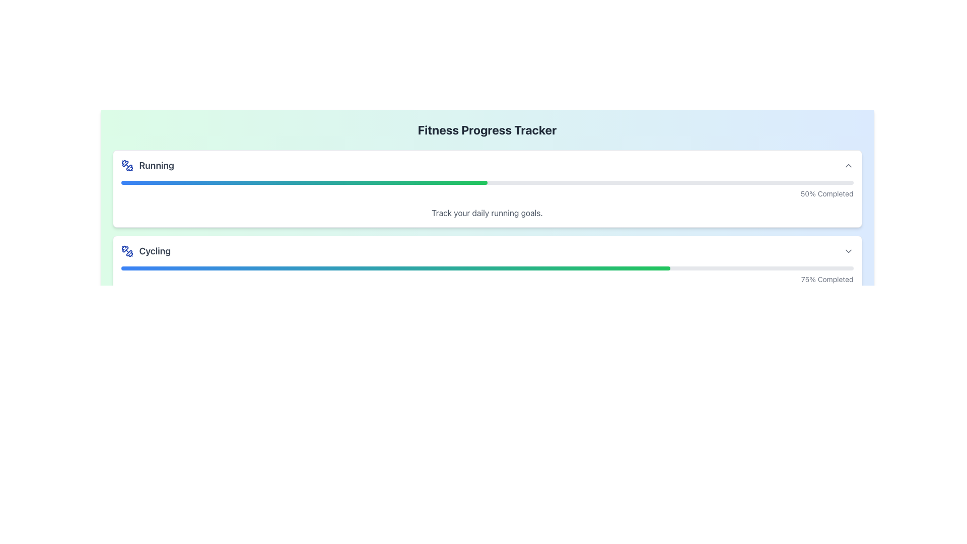 Image resolution: width=967 pixels, height=544 pixels. Describe the element at coordinates (848, 165) in the screenshot. I see `the toggle icon located at the upper right corner of the 'Running' section` at that location.